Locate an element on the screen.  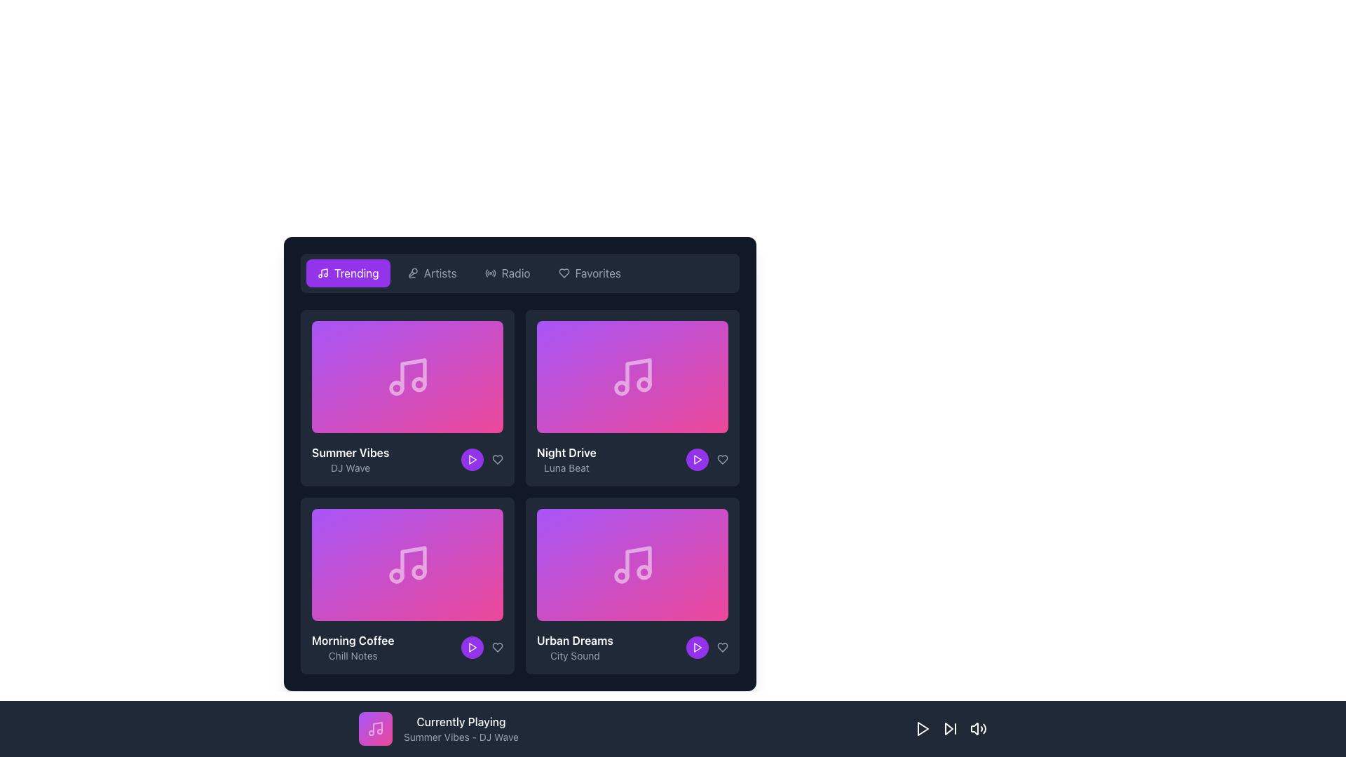
the circular purple button with a white play icon located in the 'Night Drive' section to observe its visual feedback is located at coordinates (707, 459).